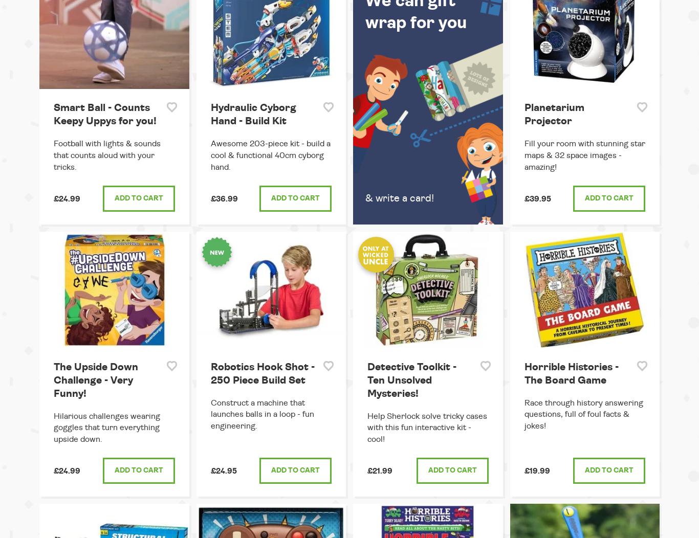 The height and width of the screenshot is (538, 699). Describe the element at coordinates (571, 373) in the screenshot. I see `'Horrible Histories - The Board Game'` at that location.